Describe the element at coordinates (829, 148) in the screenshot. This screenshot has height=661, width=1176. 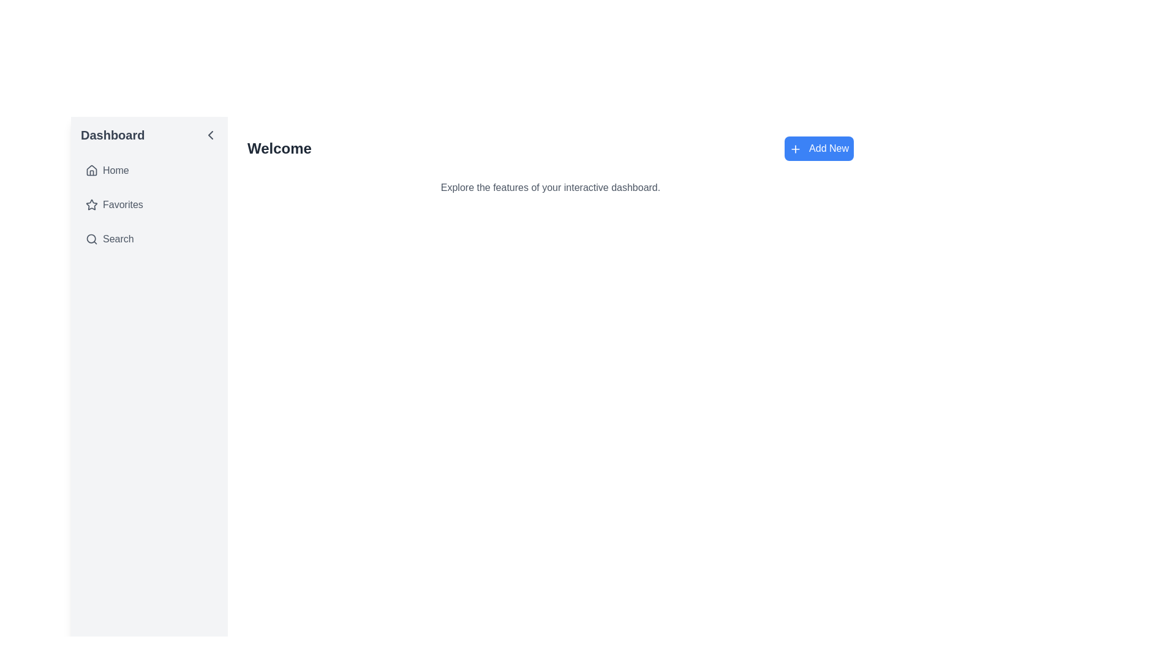
I see `text from the 'Add New' label, which is displayed in white color within a blue button, located to the right of the '+' icon` at that location.